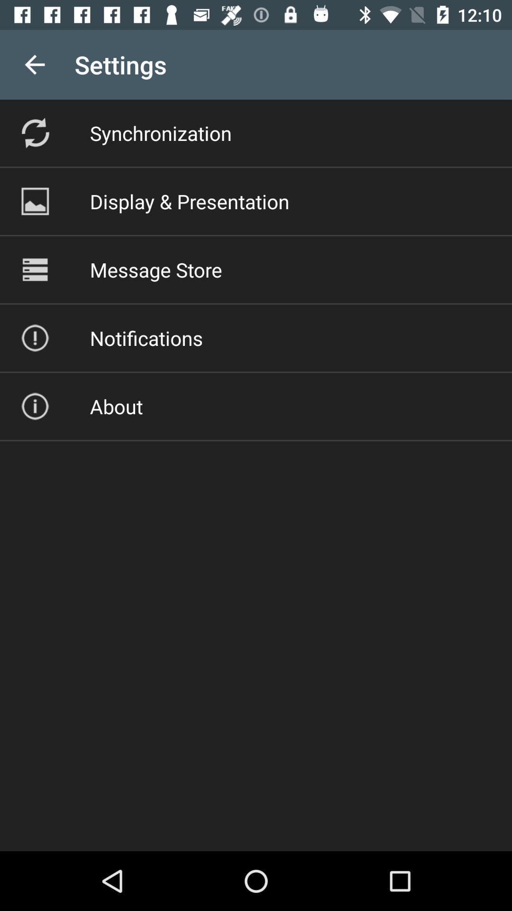 The width and height of the screenshot is (512, 911). What do you see at coordinates (34, 64) in the screenshot?
I see `item to the left of the settings app` at bounding box center [34, 64].